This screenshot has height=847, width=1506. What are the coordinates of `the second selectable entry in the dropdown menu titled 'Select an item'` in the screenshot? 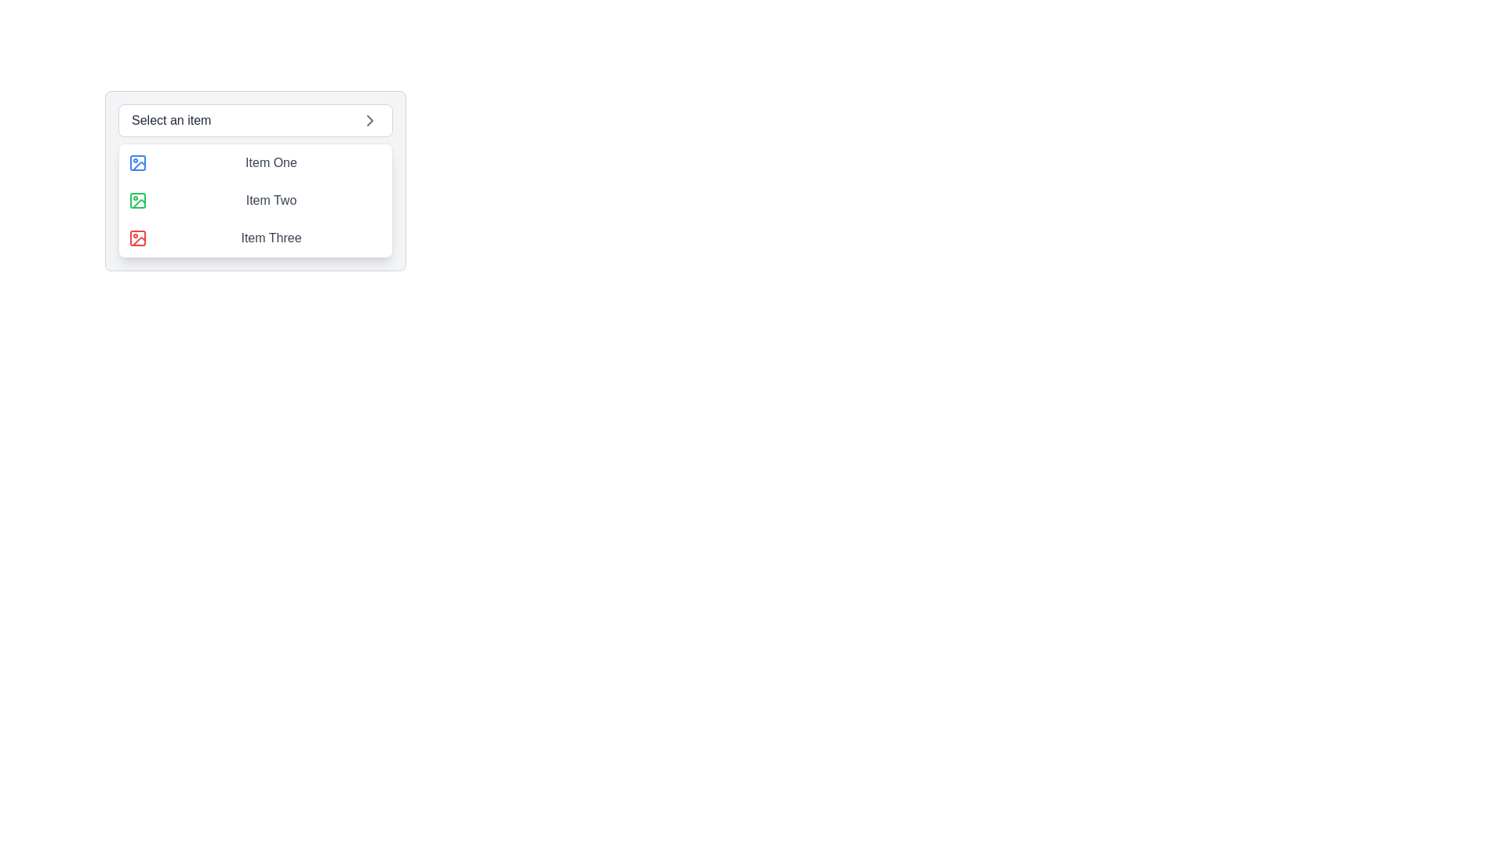 It's located at (256, 199).